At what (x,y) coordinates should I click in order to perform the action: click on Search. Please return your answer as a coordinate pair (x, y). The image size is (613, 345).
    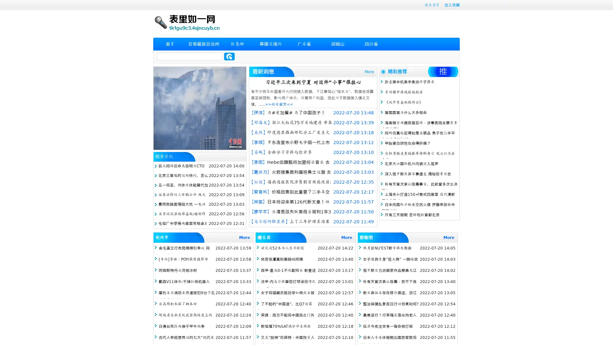
    Looking at the image, I should click on (229, 56).